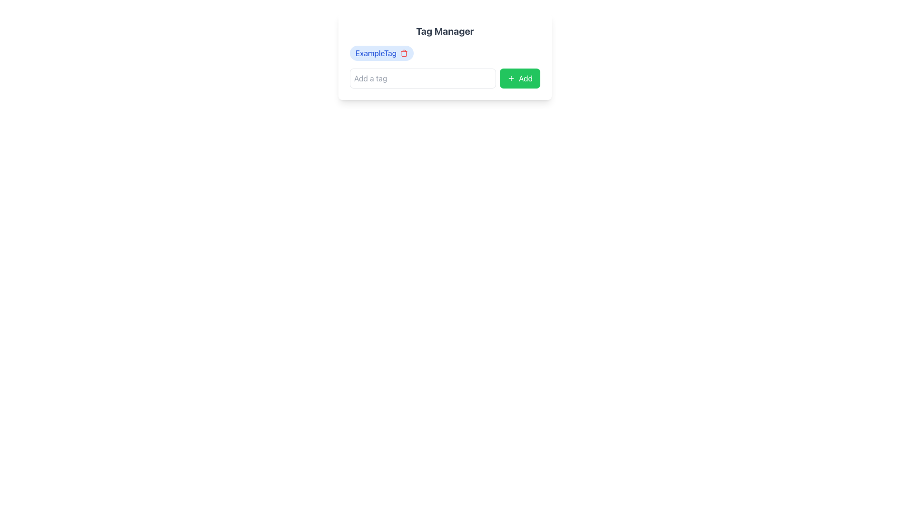  What do you see at coordinates (404, 53) in the screenshot?
I see `the Icon Button that allows users` at bounding box center [404, 53].